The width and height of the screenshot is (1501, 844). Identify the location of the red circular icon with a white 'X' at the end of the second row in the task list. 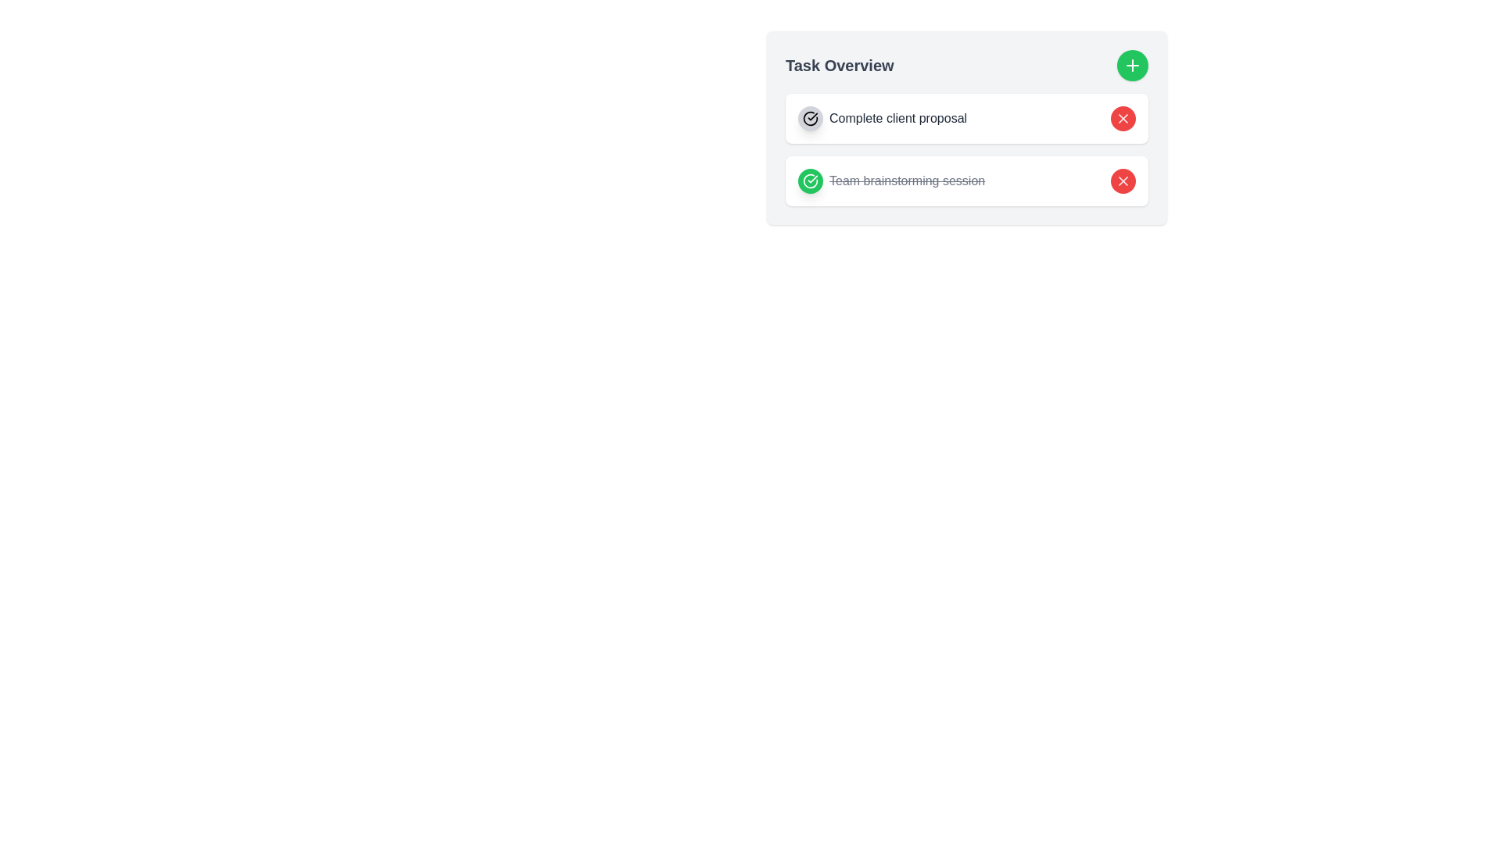
(1122, 117).